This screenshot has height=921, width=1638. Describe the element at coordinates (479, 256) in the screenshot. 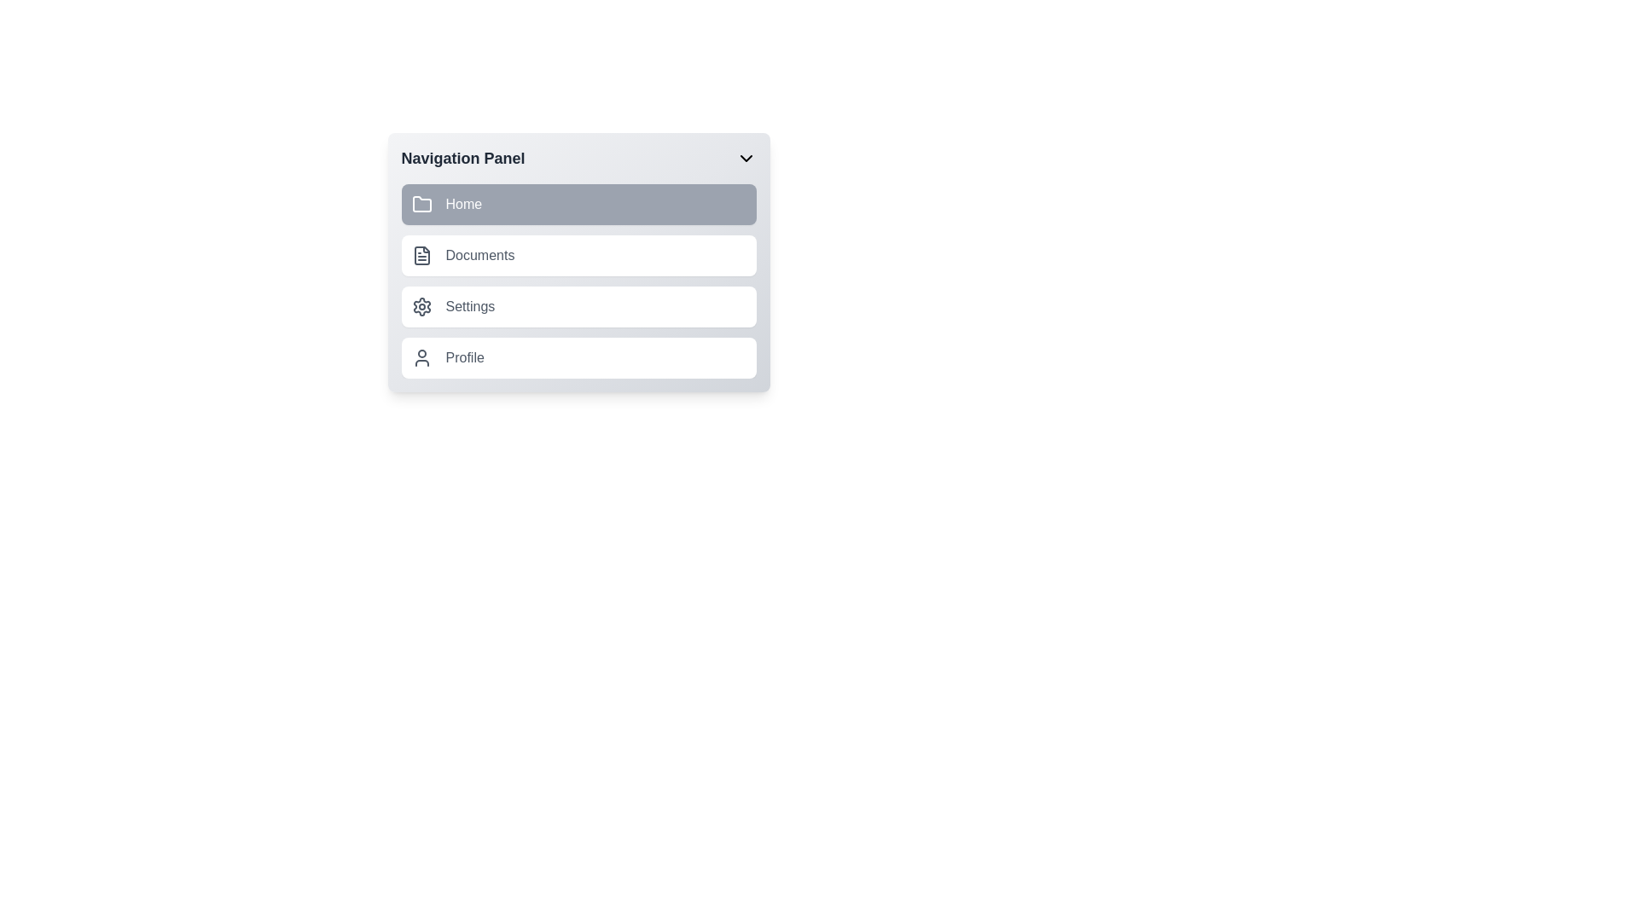

I see `the 'Documents' text label in the navigation panel for potential visual feedback` at that location.